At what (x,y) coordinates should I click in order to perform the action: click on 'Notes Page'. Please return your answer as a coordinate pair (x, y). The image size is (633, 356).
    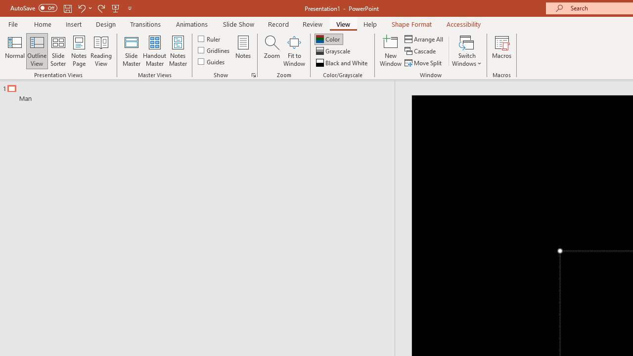
    Looking at the image, I should click on (79, 51).